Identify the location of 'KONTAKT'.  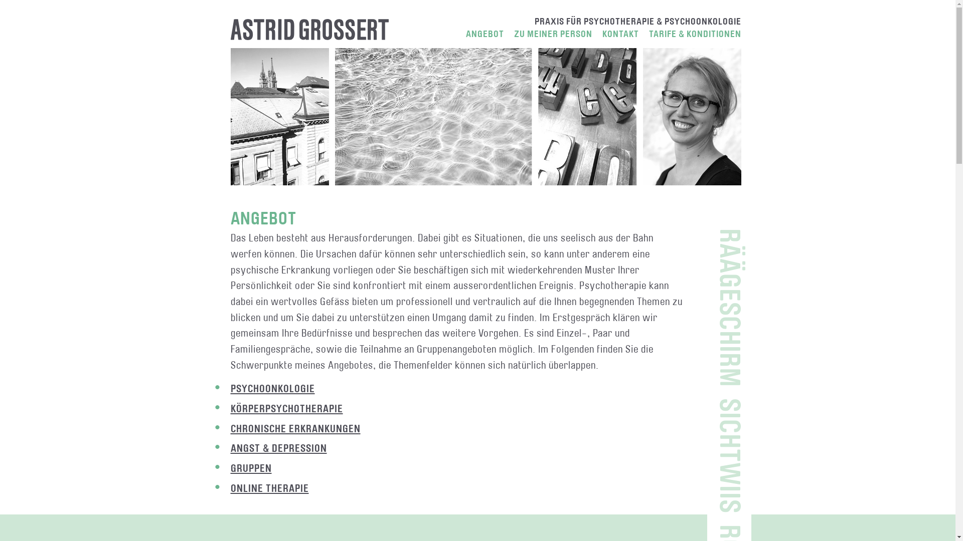
(619, 34).